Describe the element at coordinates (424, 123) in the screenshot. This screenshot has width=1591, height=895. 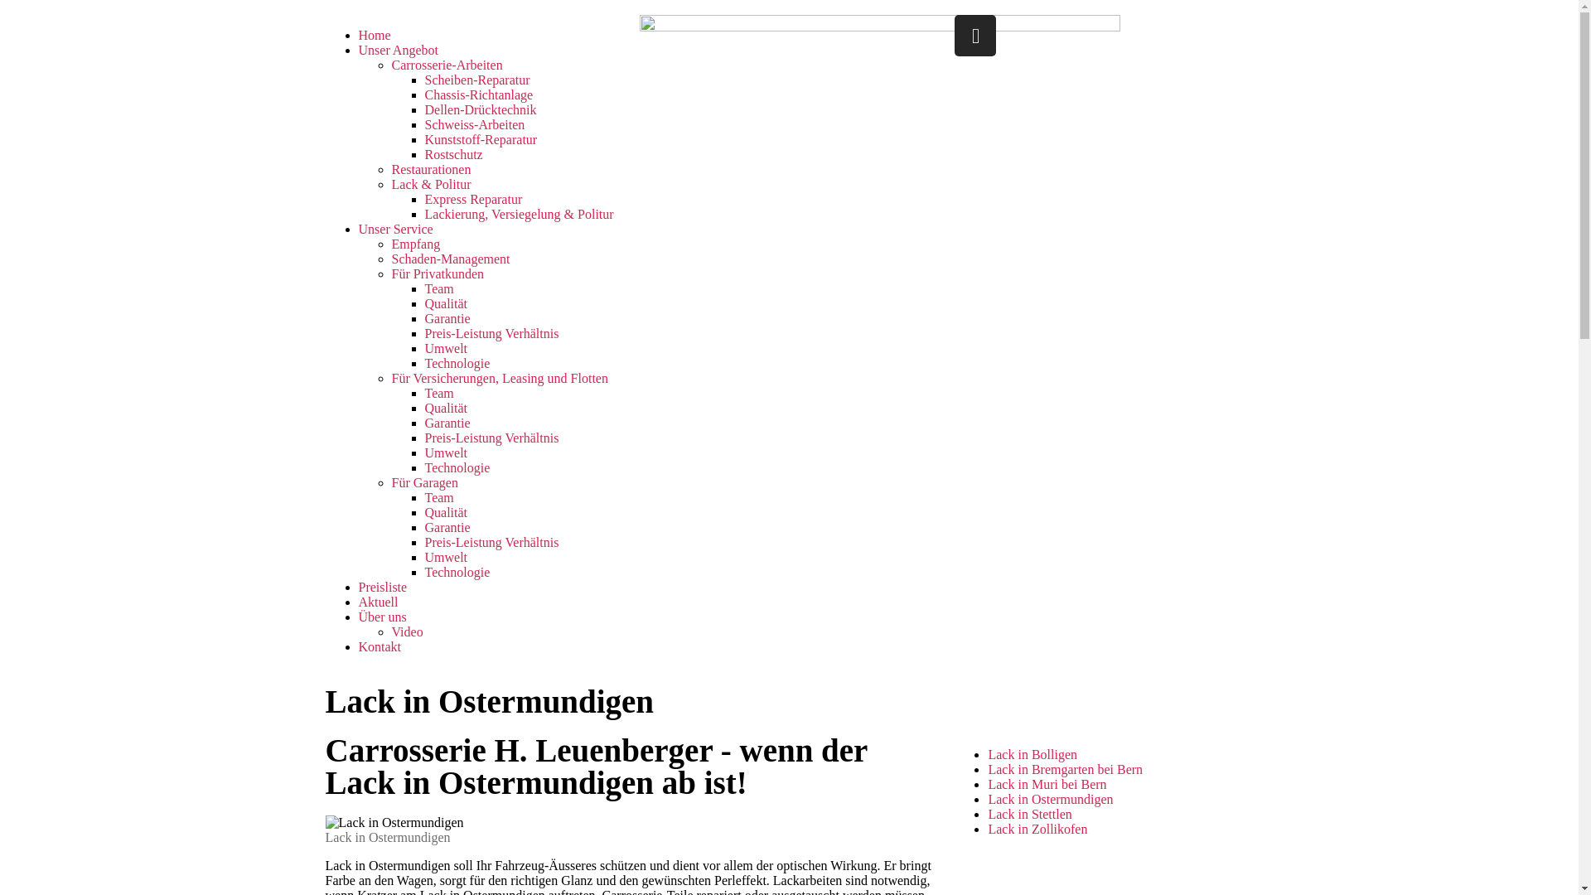
I see `'Schweiss-Arbeiten'` at that location.